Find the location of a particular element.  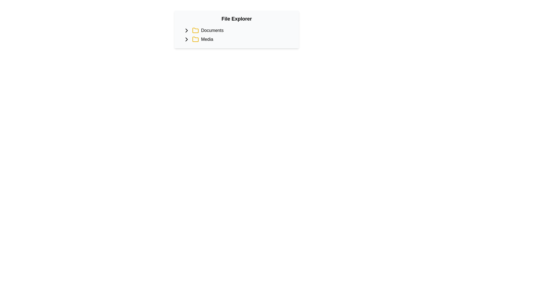

the 'Documents' text label in the file explorer interface is located at coordinates (212, 31).